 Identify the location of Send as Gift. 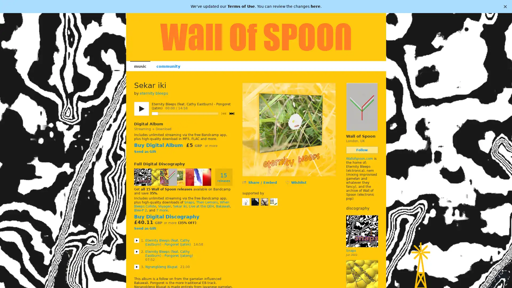
(145, 152).